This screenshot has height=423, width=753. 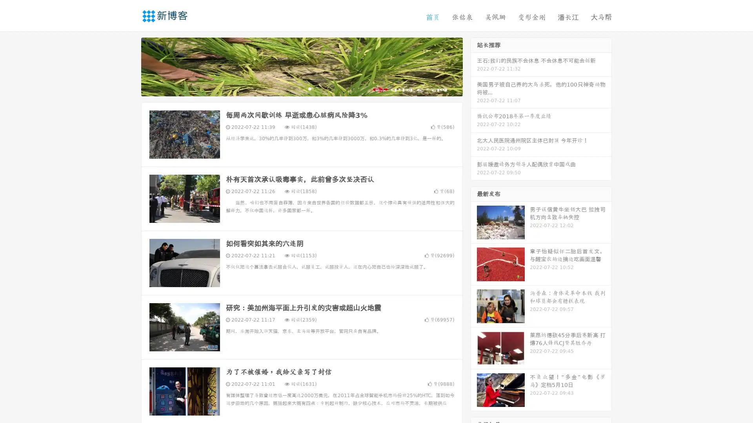 What do you see at coordinates (129, 66) in the screenshot?
I see `Previous slide` at bounding box center [129, 66].